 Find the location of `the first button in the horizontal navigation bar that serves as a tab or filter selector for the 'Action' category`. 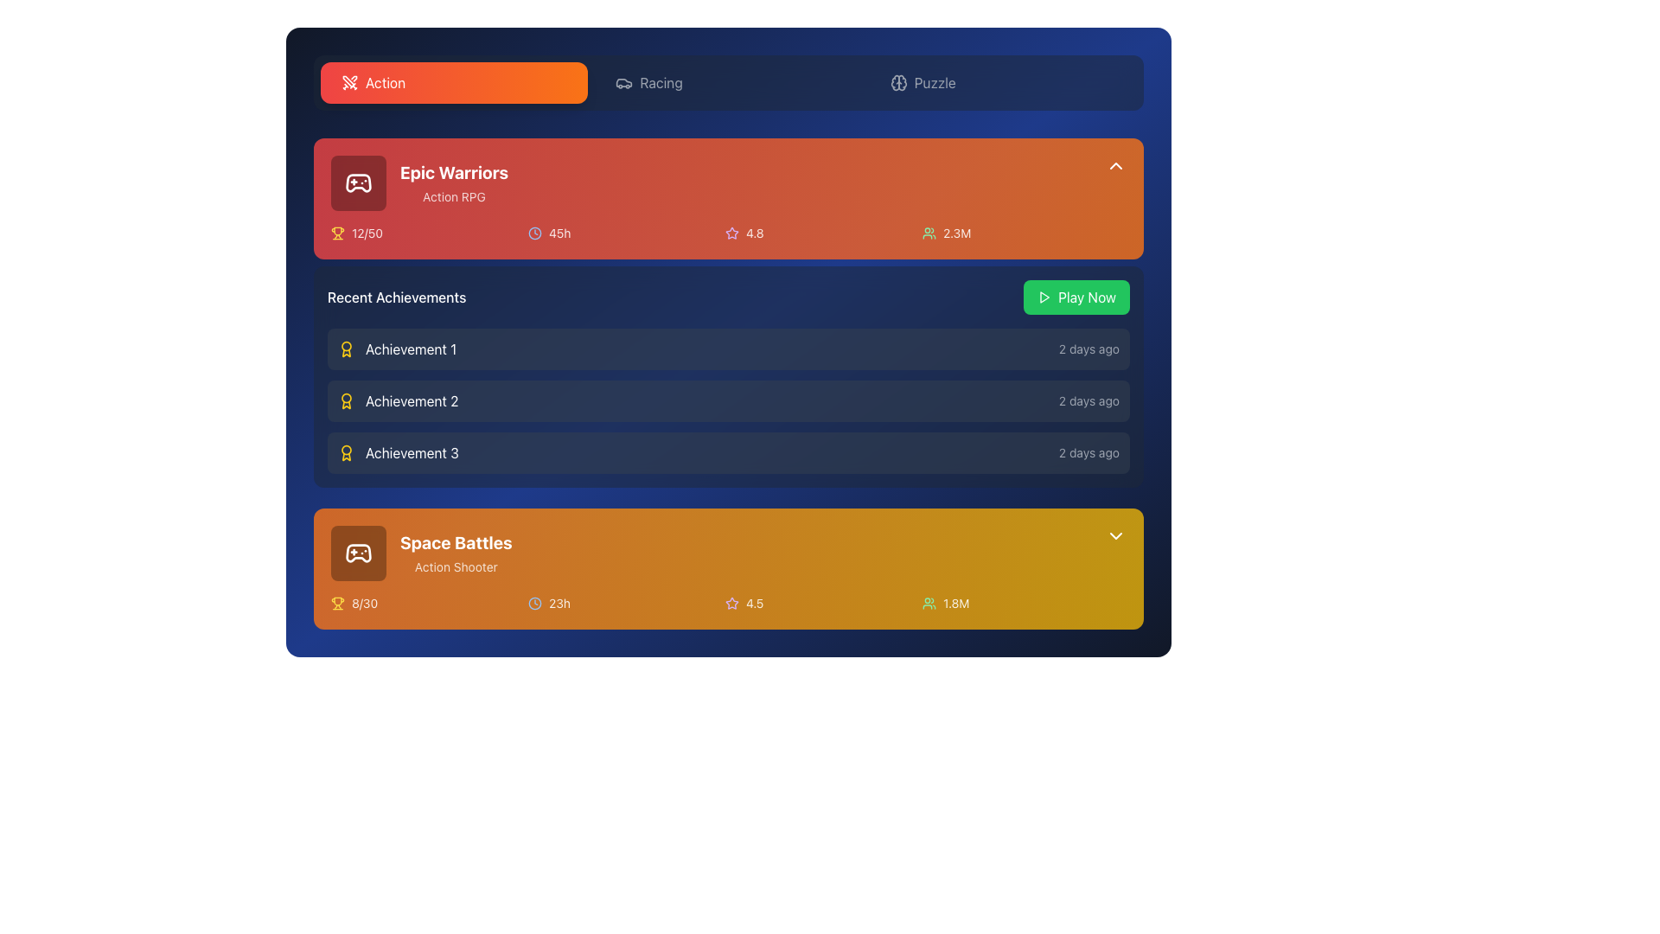

the first button in the horizontal navigation bar that serves as a tab or filter selector for the 'Action' category is located at coordinates (454, 83).